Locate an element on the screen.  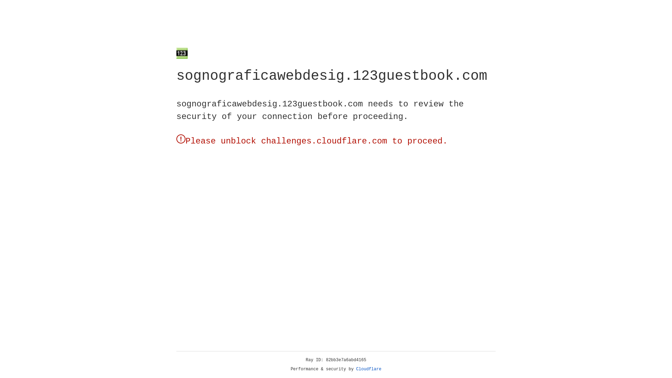
'Cloudflare' is located at coordinates (369, 369).